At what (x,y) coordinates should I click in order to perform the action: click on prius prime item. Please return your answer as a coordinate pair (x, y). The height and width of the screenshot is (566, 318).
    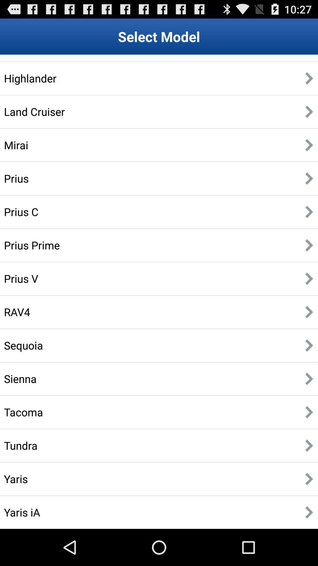
    Looking at the image, I should click on (32, 245).